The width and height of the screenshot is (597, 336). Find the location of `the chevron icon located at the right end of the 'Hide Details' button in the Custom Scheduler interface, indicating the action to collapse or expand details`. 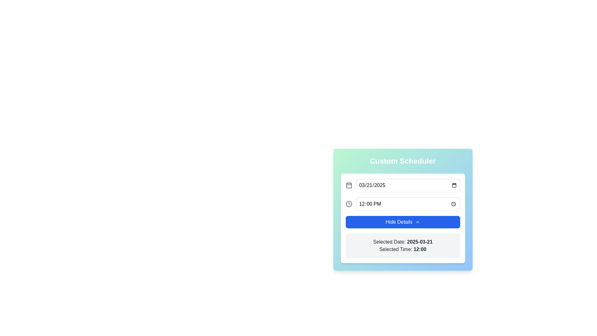

the chevron icon located at the right end of the 'Hide Details' button in the Custom Scheduler interface, indicating the action to collapse or expand details is located at coordinates (417, 222).